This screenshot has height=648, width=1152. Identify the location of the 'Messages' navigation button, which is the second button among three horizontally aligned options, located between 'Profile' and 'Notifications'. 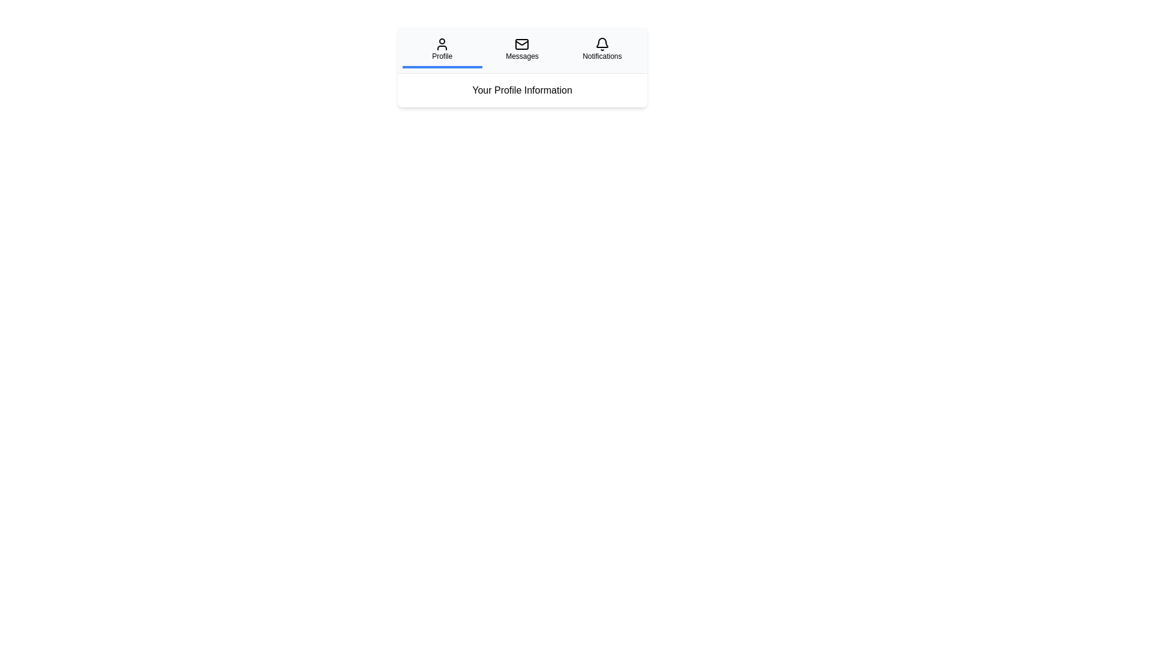
(522, 50).